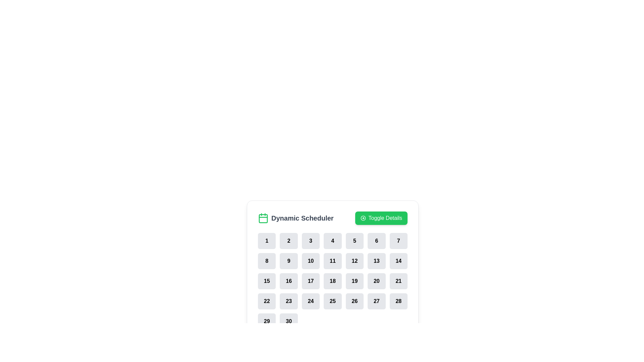 This screenshot has height=362, width=644. What do you see at coordinates (266, 321) in the screenshot?
I see `the button displaying the number '29' which is a rounded rectangle with a light gray background` at bounding box center [266, 321].